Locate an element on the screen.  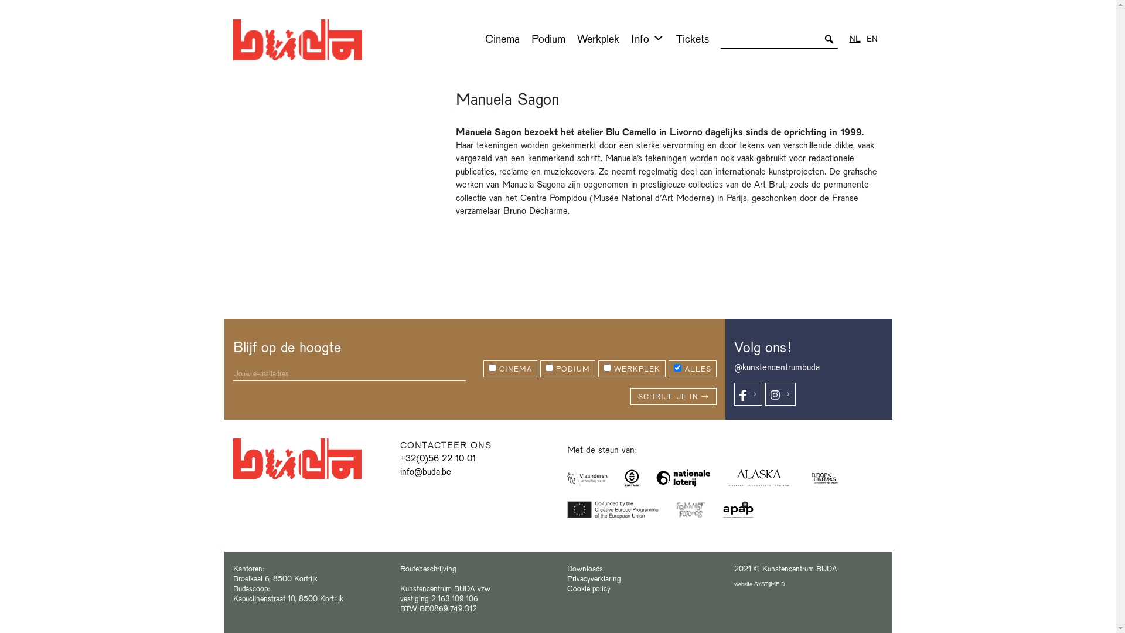
'+32(0)56 22 10 01' is located at coordinates (437, 457).